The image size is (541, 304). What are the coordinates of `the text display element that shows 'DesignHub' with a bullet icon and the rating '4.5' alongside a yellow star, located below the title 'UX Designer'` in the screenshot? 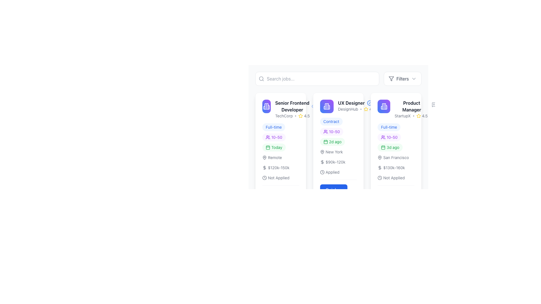 It's located at (356, 109).